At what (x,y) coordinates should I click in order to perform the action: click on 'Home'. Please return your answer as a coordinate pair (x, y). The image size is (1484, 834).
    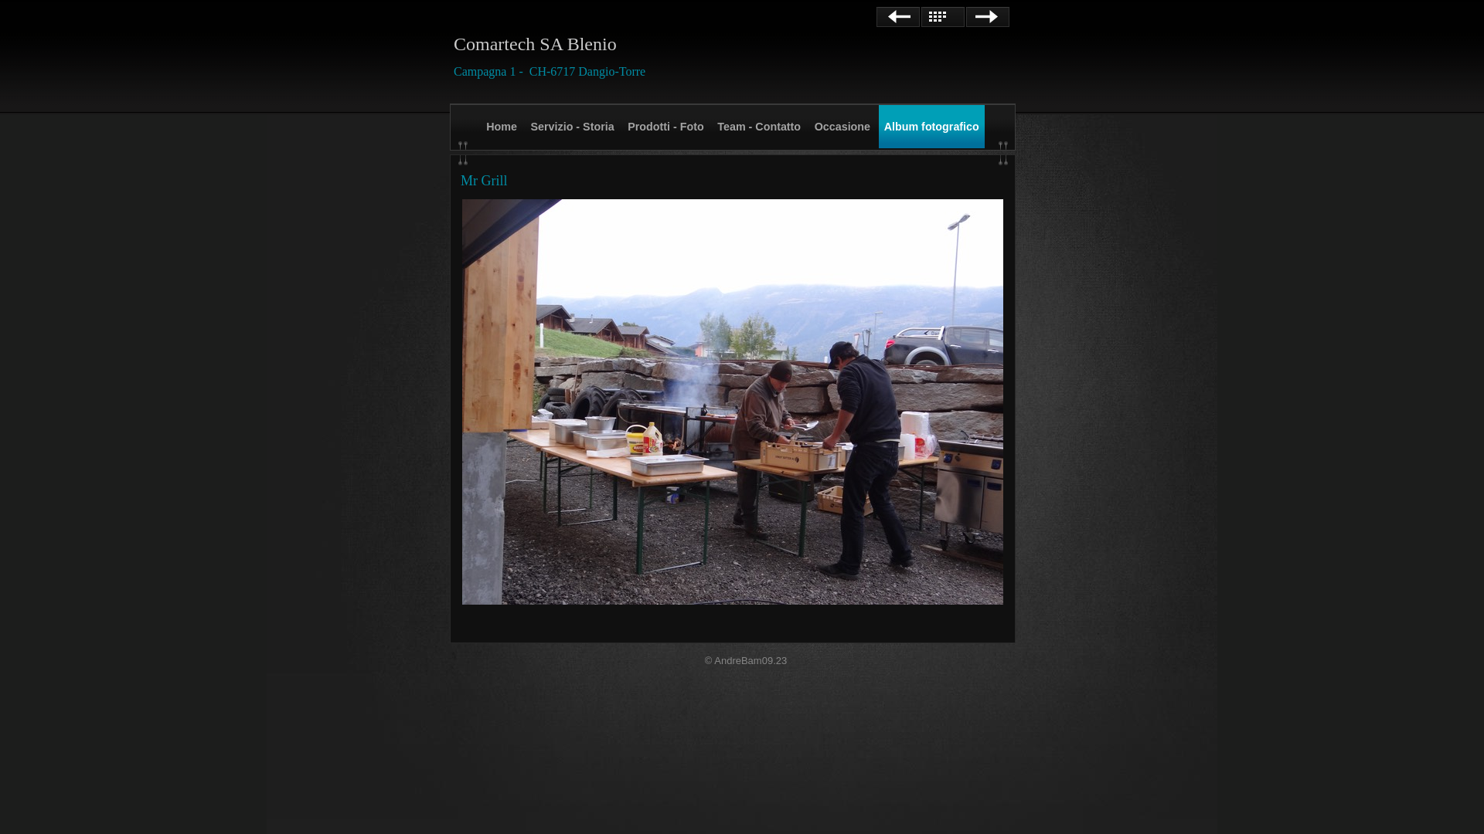
    Looking at the image, I should click on (501, 126).